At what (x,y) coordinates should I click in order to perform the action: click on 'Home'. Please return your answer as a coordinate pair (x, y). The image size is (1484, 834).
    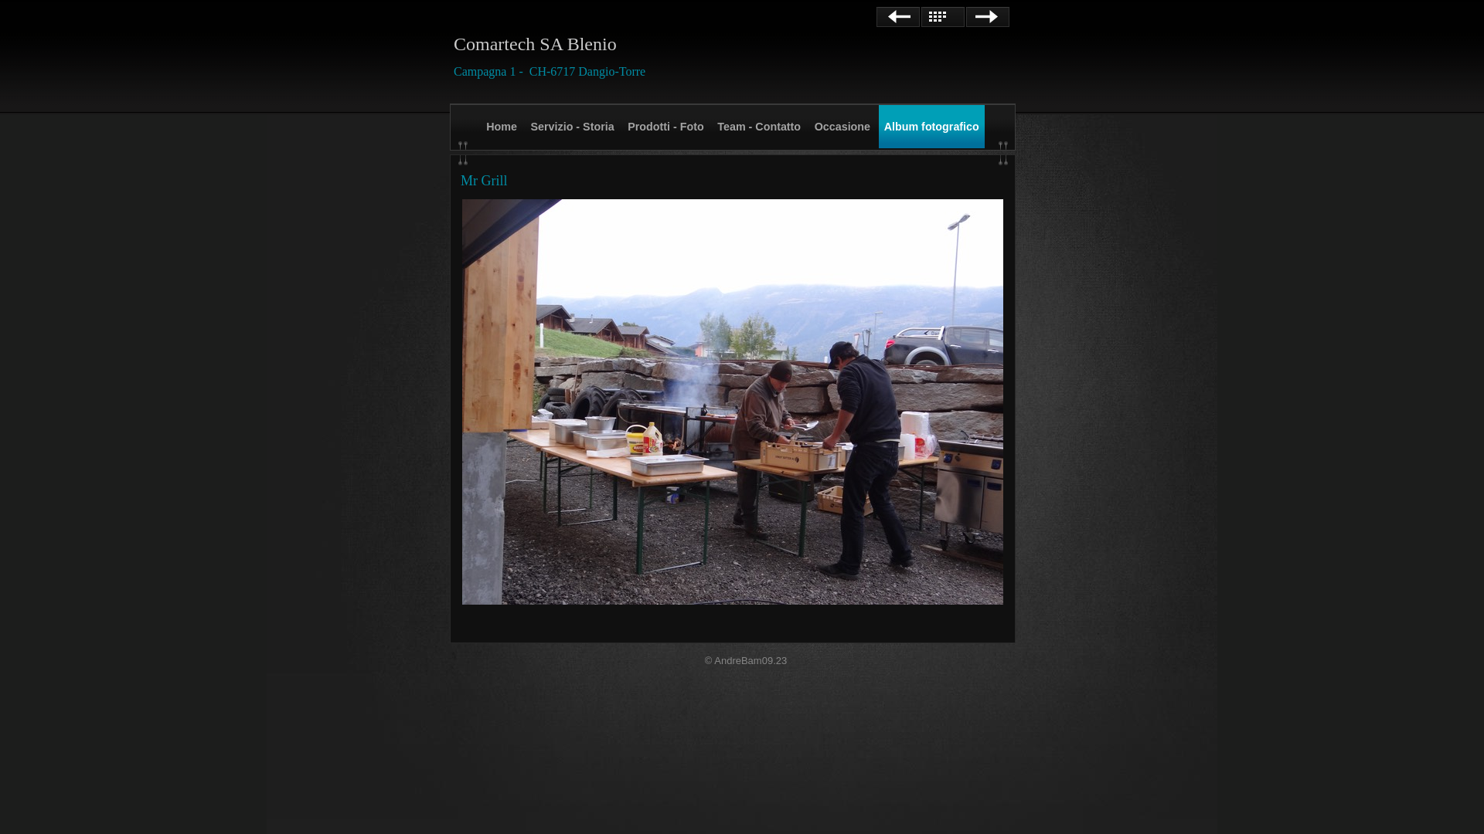
    Looking at the image, I should click on (501, 126).